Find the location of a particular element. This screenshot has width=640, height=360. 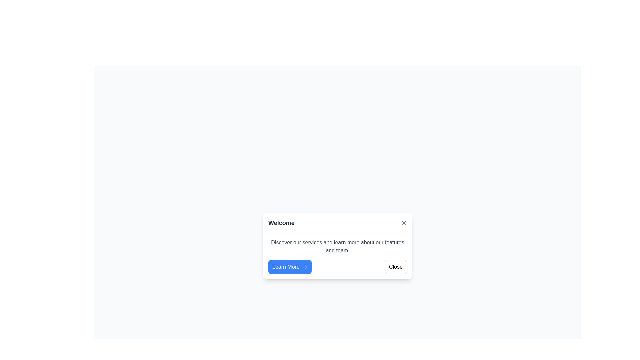

the close button represented by the 'X' icon located in the top-right corner of the modal dialog box is located at coordinates (403, 223).